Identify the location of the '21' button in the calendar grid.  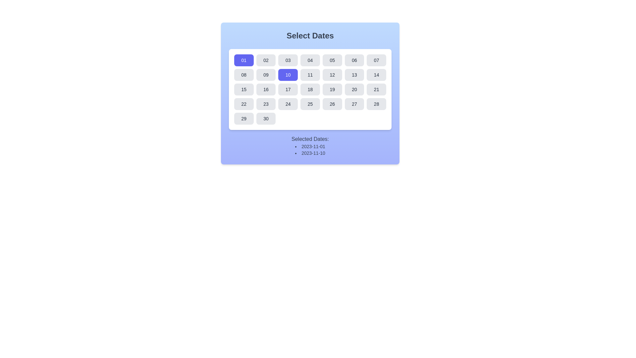
(376, 89).